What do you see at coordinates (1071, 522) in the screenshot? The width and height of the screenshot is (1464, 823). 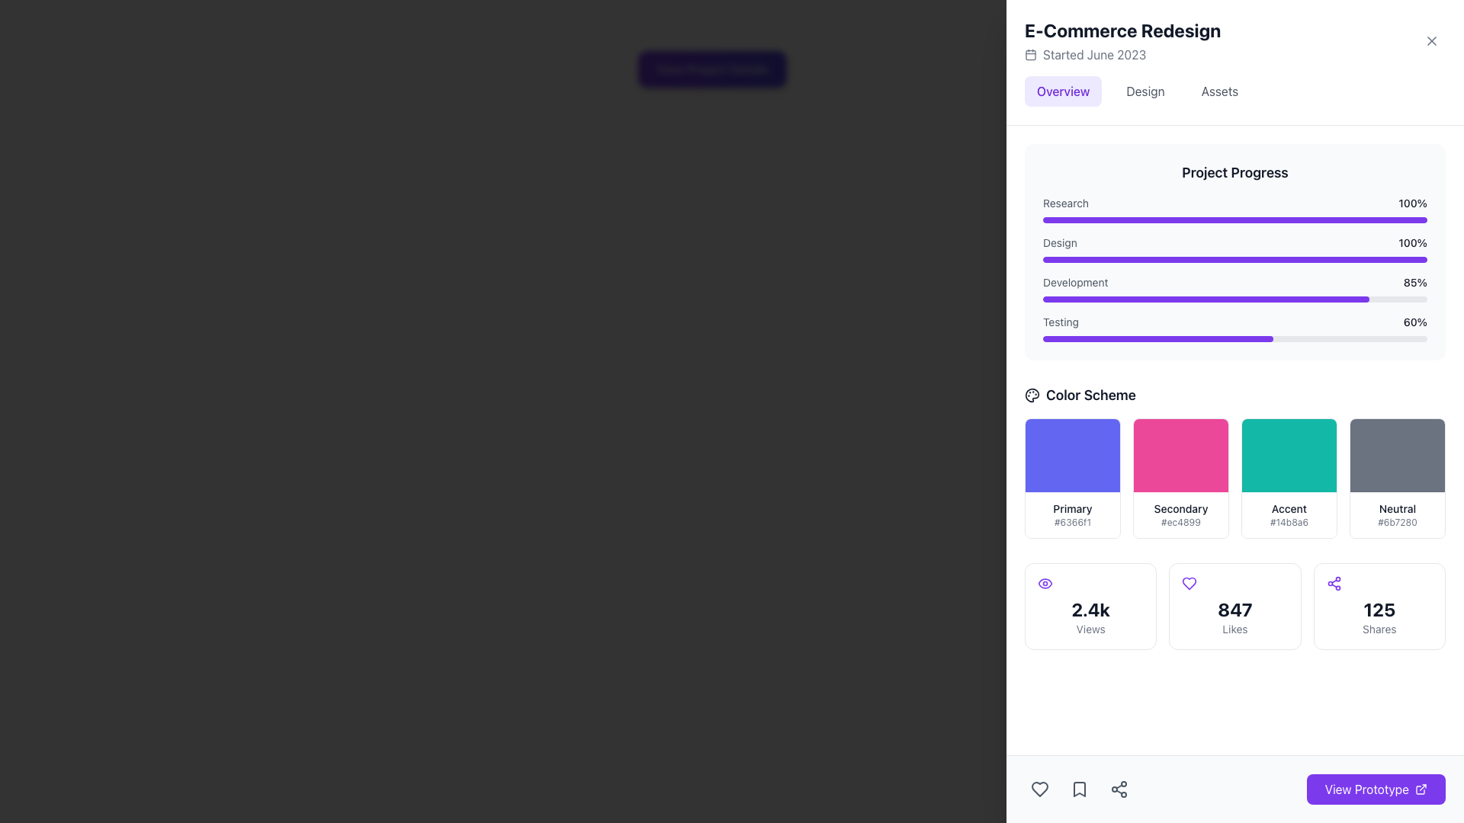 I see `the small text field displaying the hexadecimal color code '#6366f1', which is positioned below the 'Primary' label within the card-like section of the Color Scheme` at bounding box center [1071, 522].